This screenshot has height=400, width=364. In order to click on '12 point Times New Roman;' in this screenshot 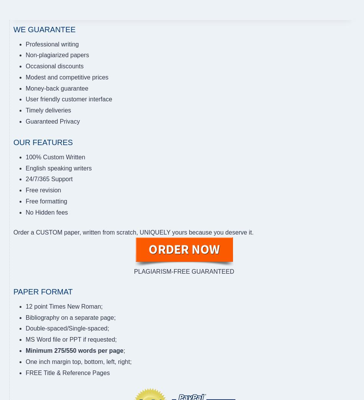, I will do `click(64, 306)`.